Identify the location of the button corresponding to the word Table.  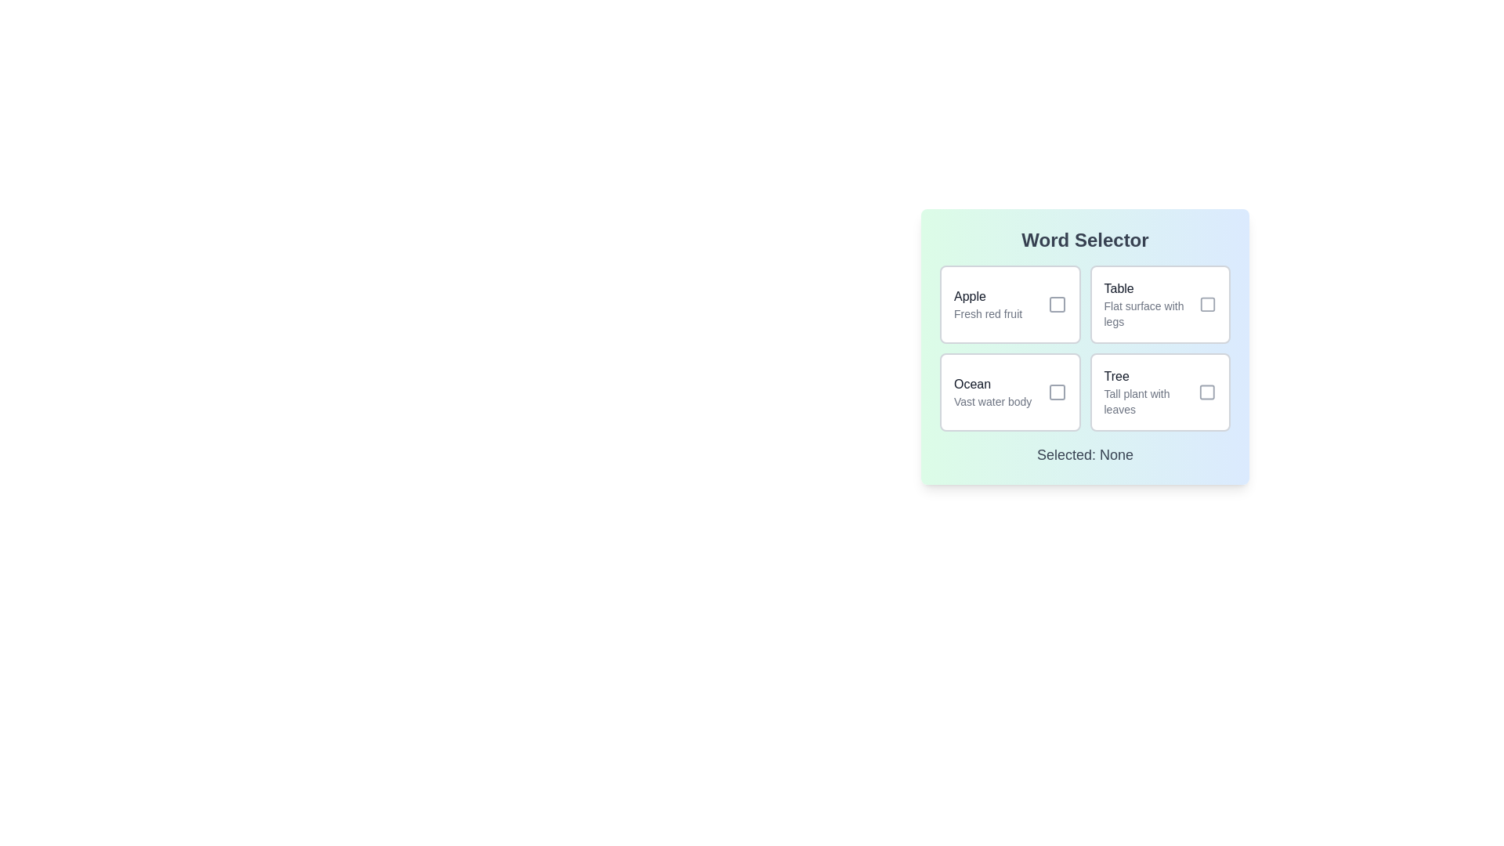
(1160, 305).